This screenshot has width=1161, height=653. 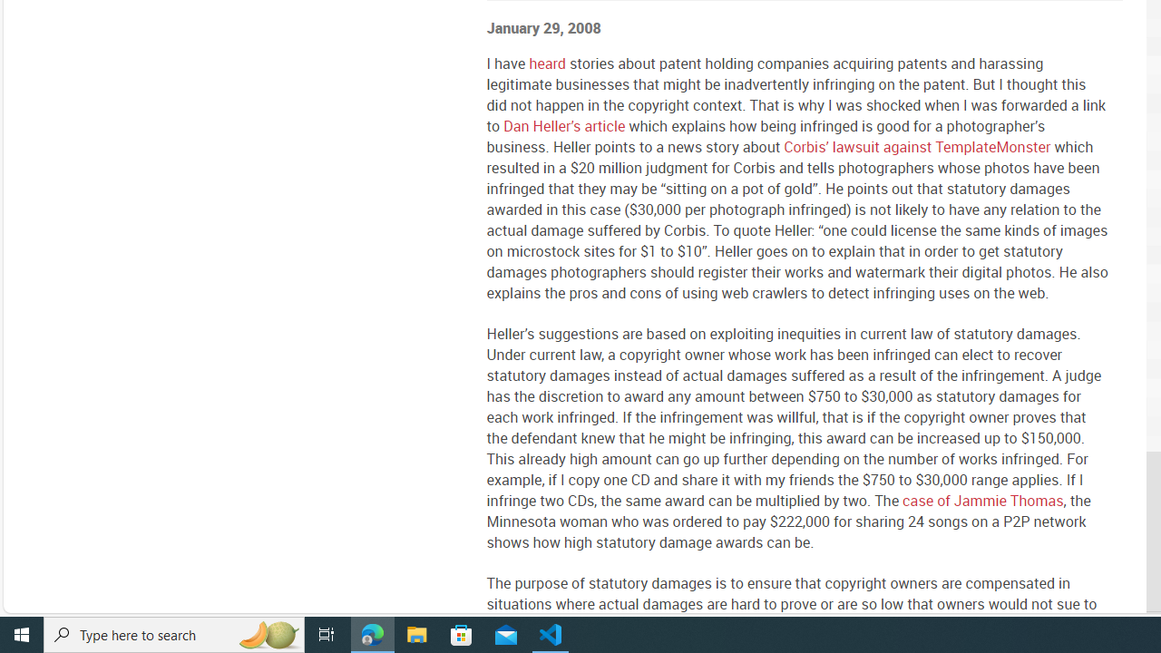 I want to click on 'case of Jammie Thomas', so click(x=981, y=500).